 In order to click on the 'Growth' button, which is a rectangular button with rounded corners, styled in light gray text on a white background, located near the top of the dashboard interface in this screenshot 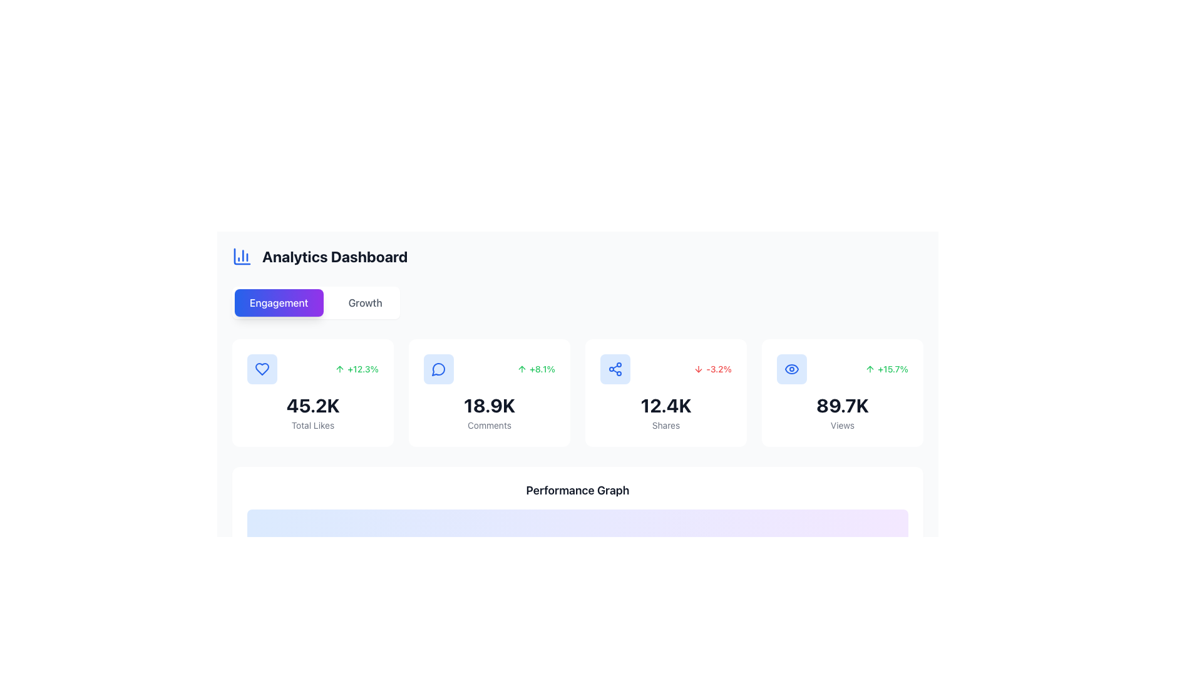, I will do `click(364, 302)`.